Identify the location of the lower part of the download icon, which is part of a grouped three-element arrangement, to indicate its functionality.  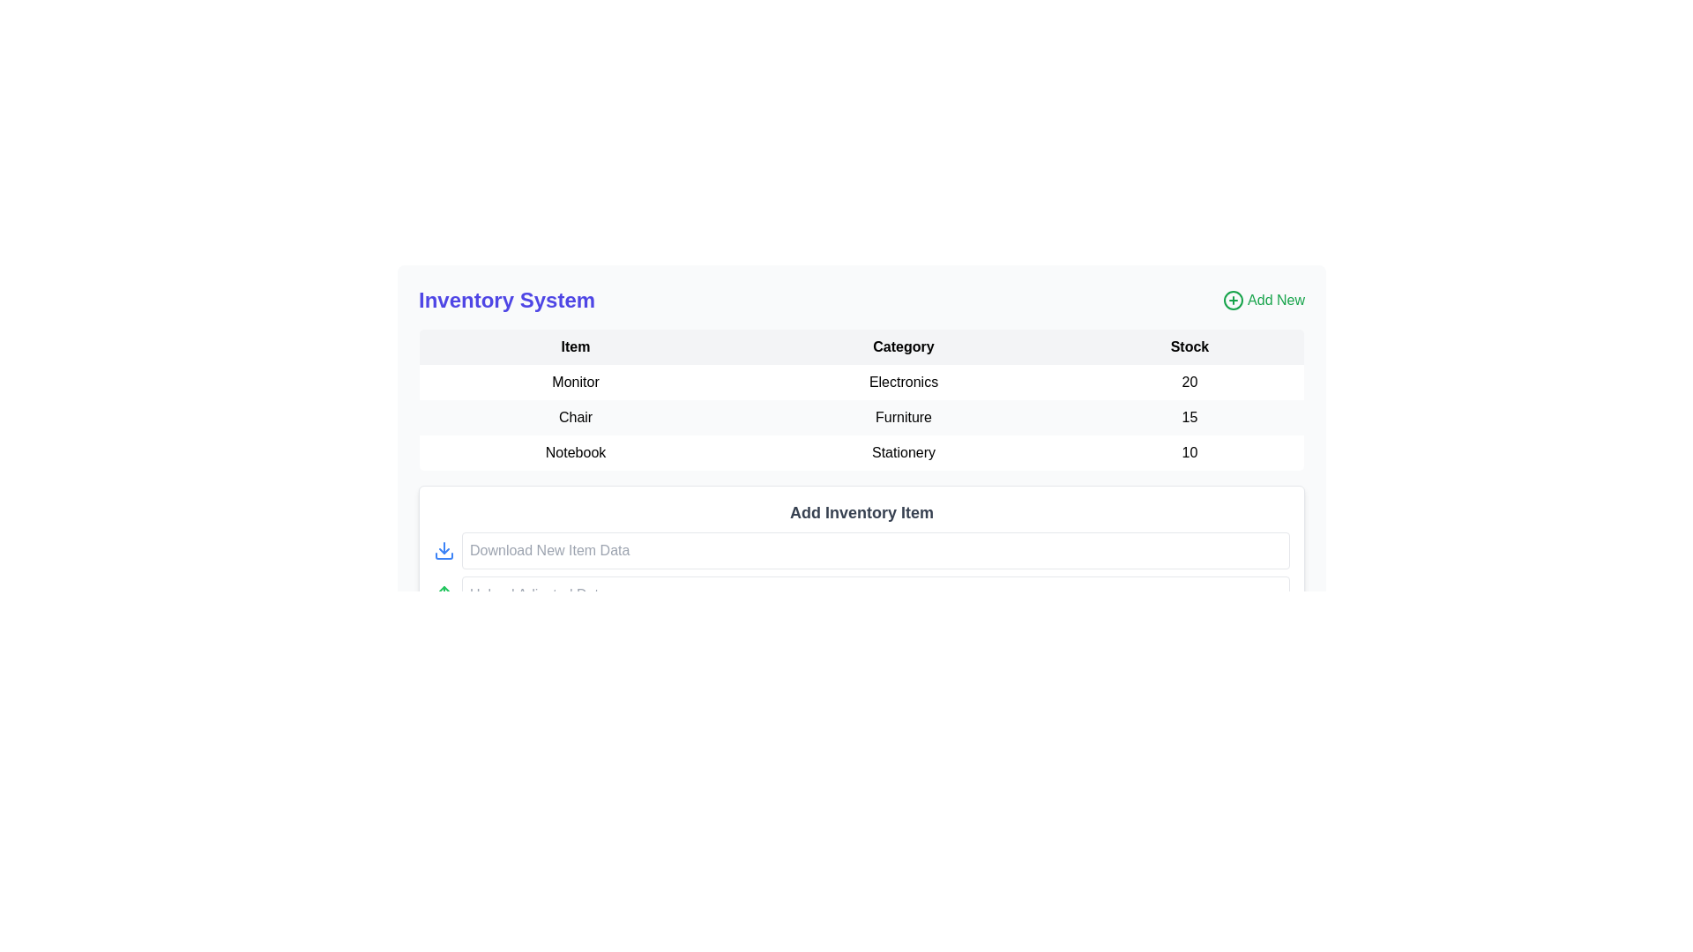
(444, 556).